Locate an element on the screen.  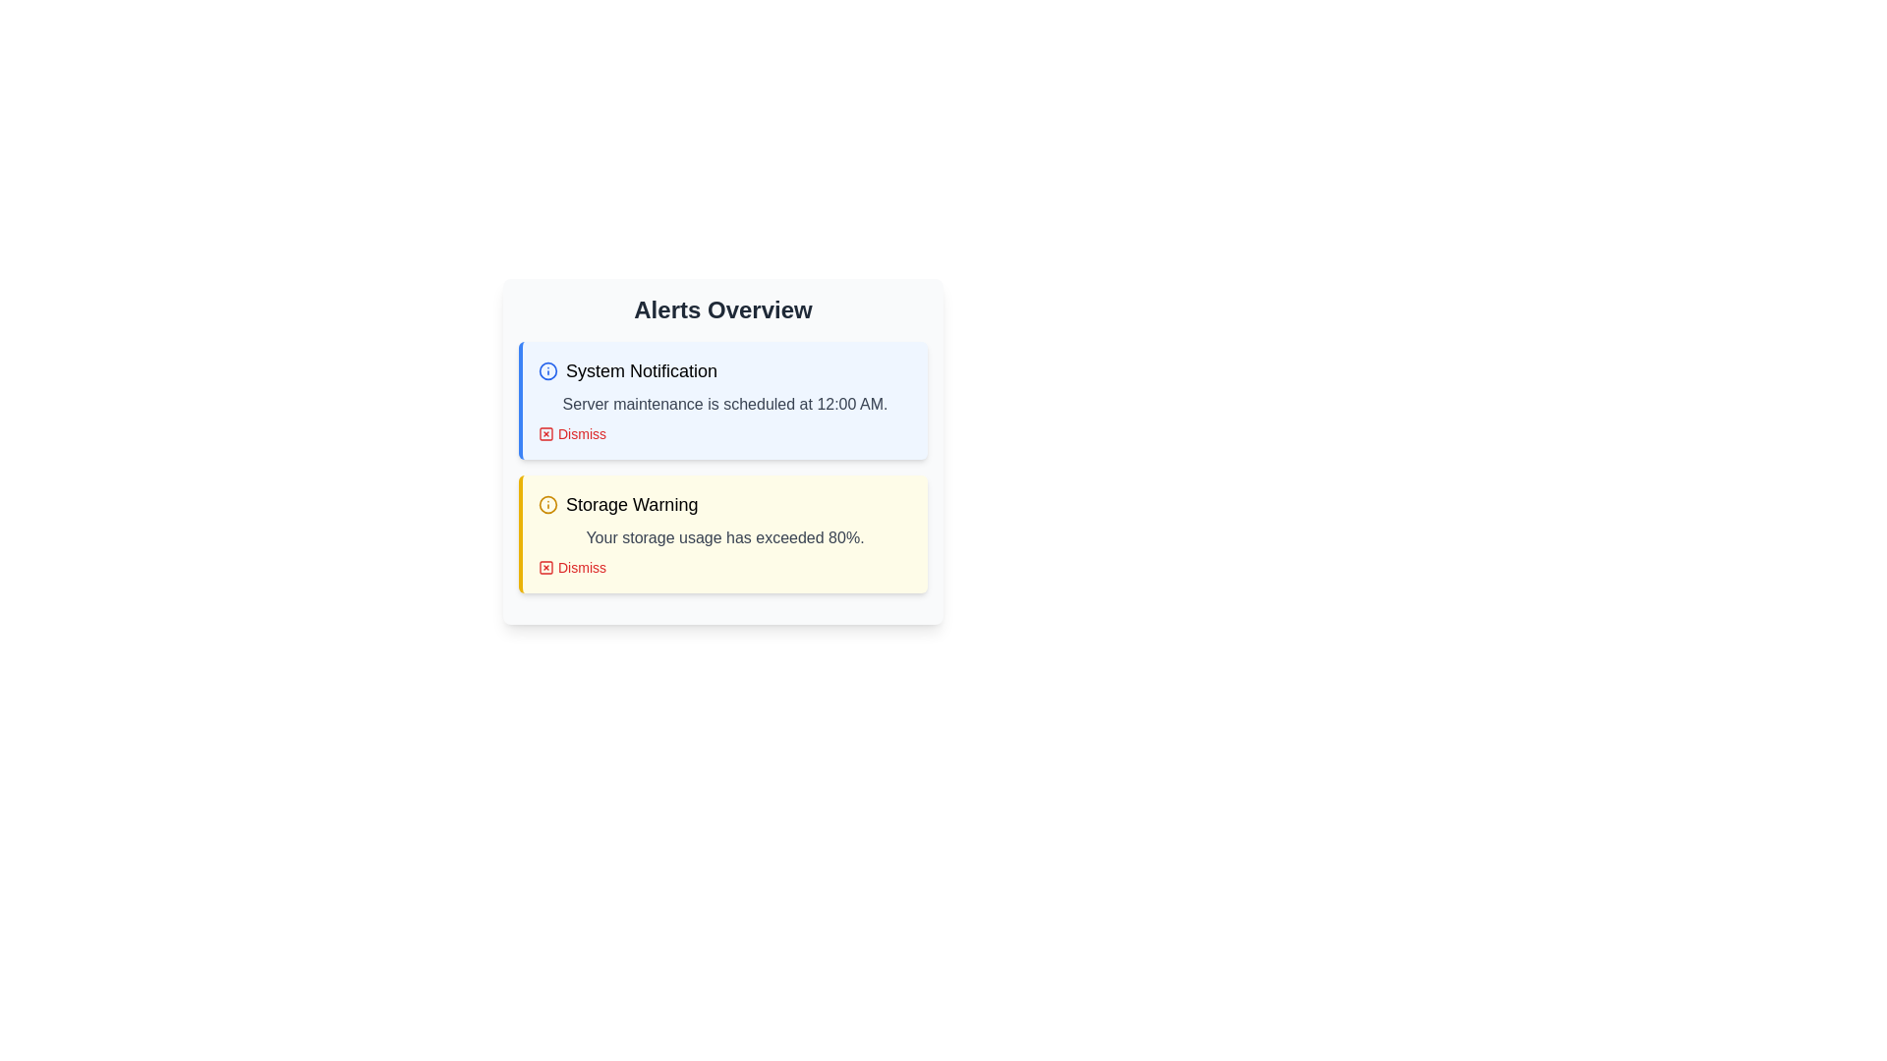
the dismiss button located at the bottom-right corner of the 'System Notification' alert is located at coordinates (571, 433).